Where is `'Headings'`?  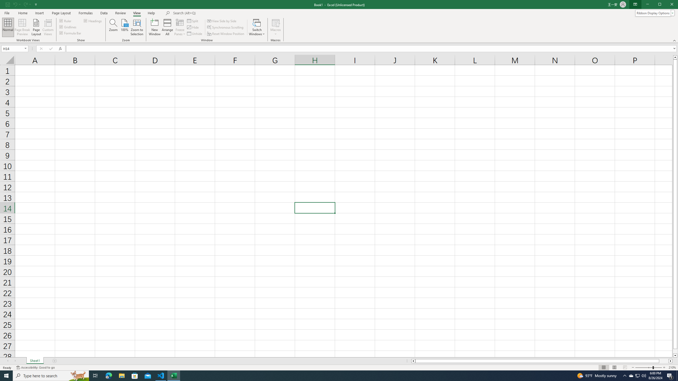 'Headings' is located at coordinates (93, 20).